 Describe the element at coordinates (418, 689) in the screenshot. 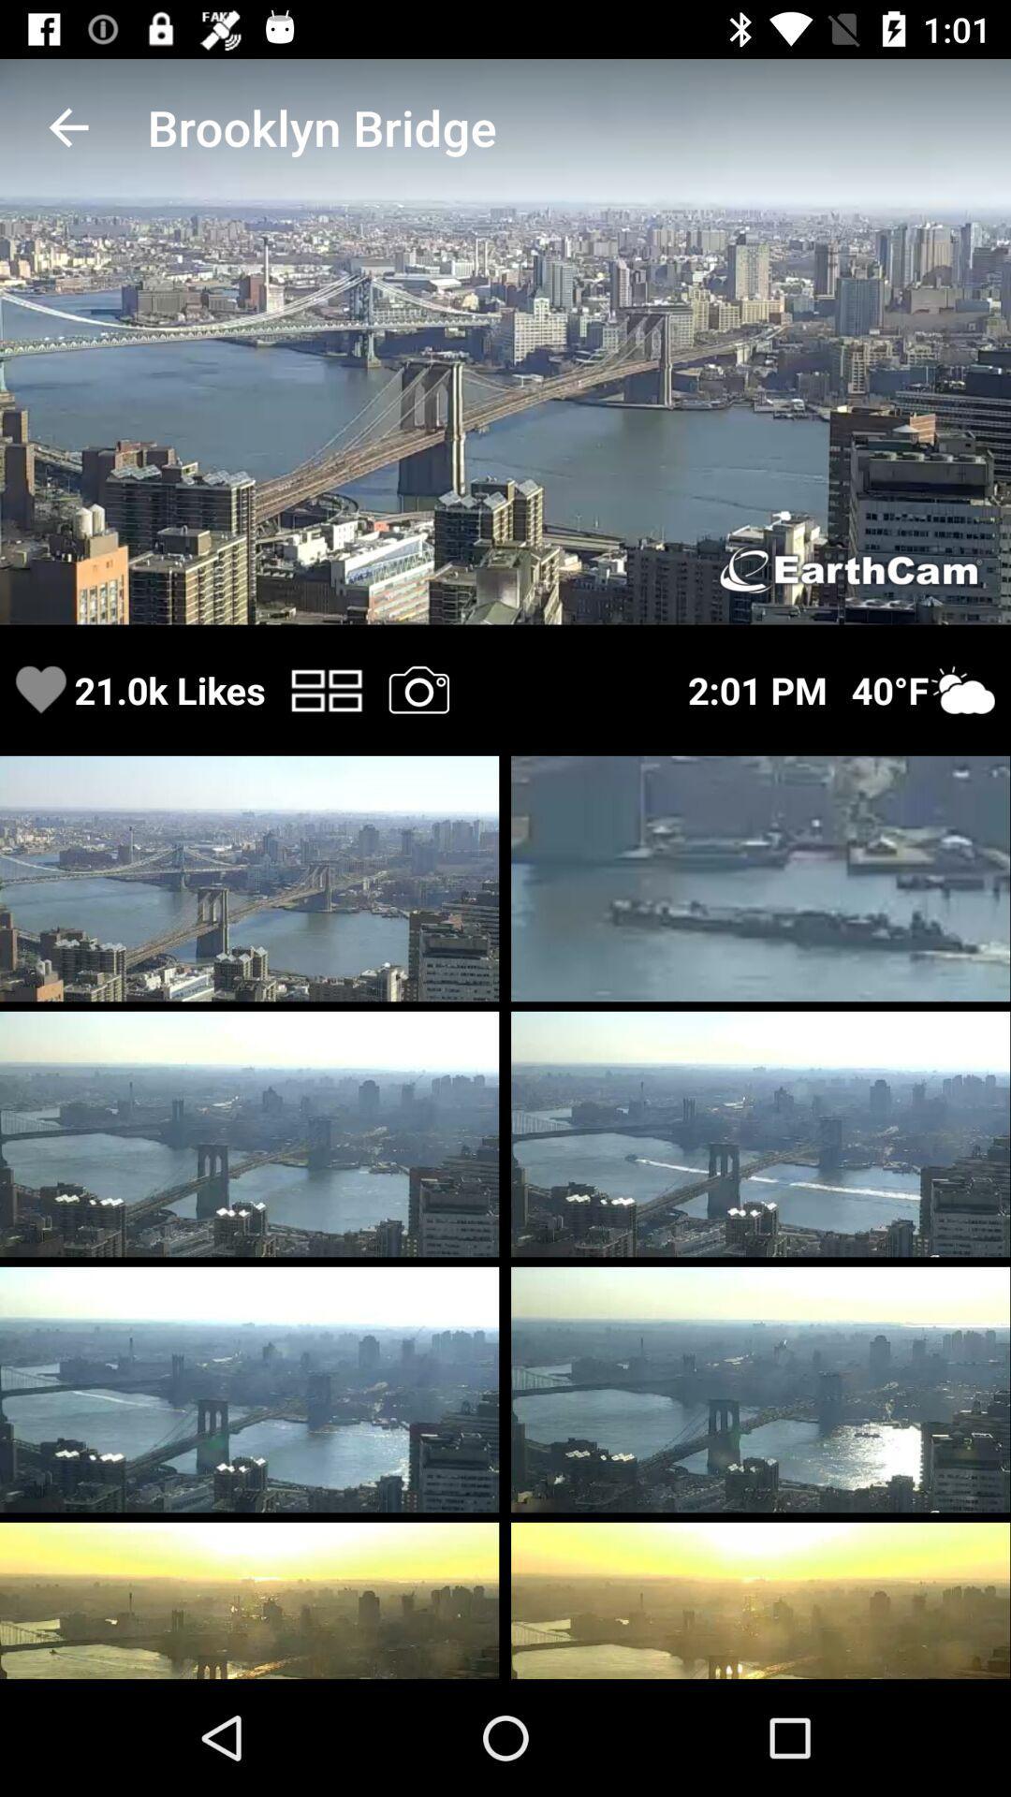

I see `photos` at that location.